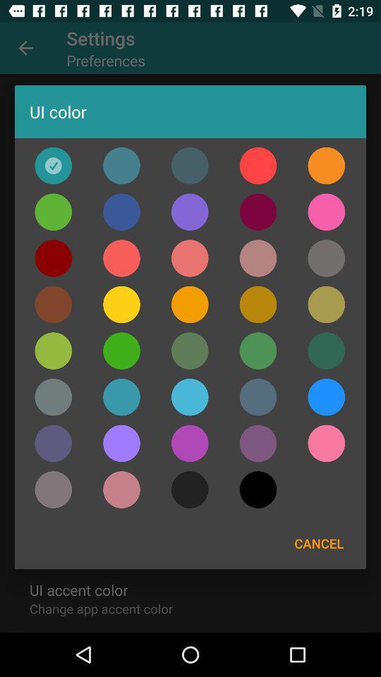 This screenshot has height=677, width=381. What do you see at coordinates (190, 489) in the screenshot?
I see `the icon at the bottom` at bounding box center [190, 489].